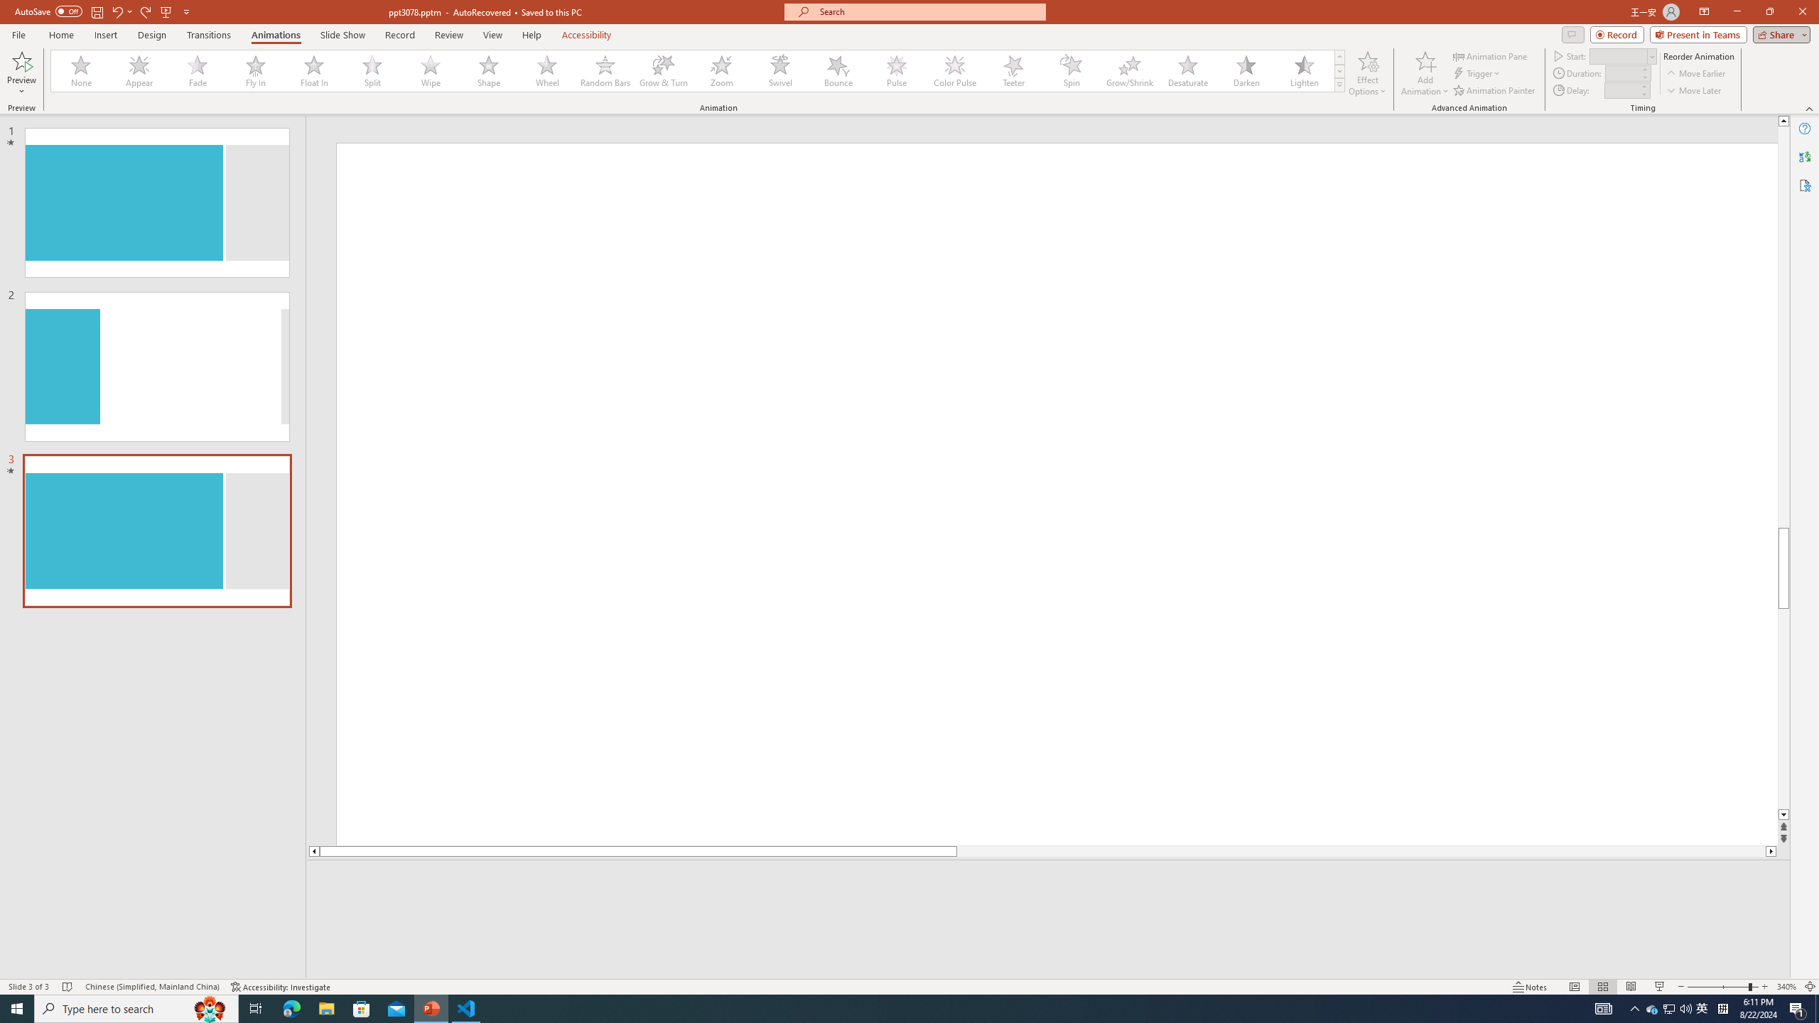  I want to click on 'Swivel', so click(779, 70).